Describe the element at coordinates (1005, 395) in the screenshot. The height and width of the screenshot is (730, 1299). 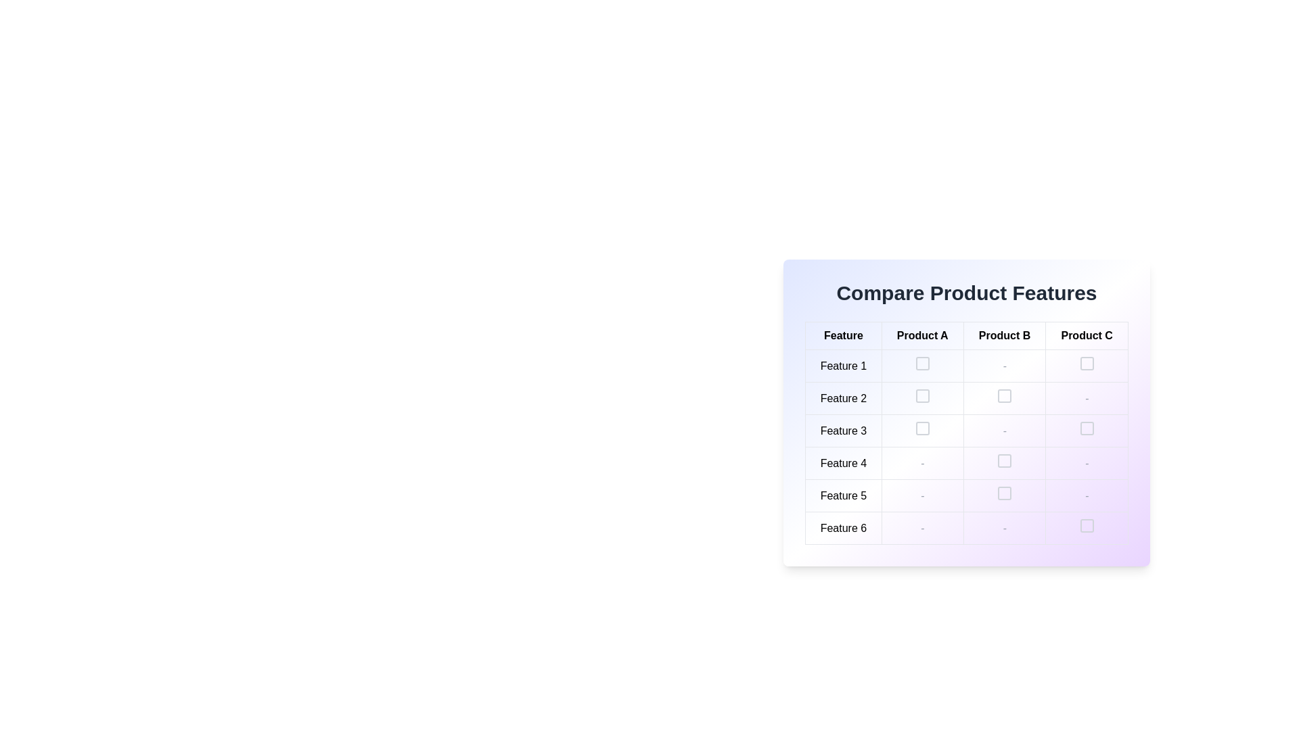
I see `the checkbox located in the second row and third column of the comparison table under 'Product B'` at that location.